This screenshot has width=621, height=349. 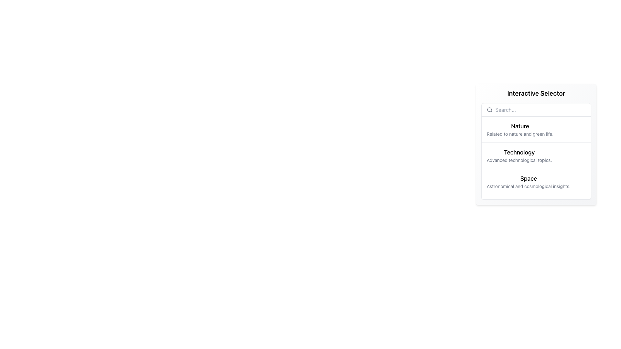 I want to click on the search bar located at the top of the vertically stacked list within a white rounded box to focus on the input field, so click(x=536, y=109).